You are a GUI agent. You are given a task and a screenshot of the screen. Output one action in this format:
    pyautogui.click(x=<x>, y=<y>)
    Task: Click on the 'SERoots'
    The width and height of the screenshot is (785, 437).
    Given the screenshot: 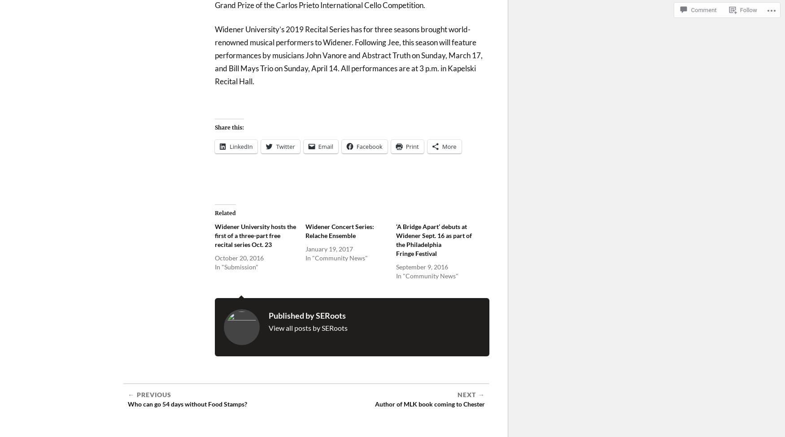 What is the action you would take?
    pyautogui.click(x=331, y=315)
    